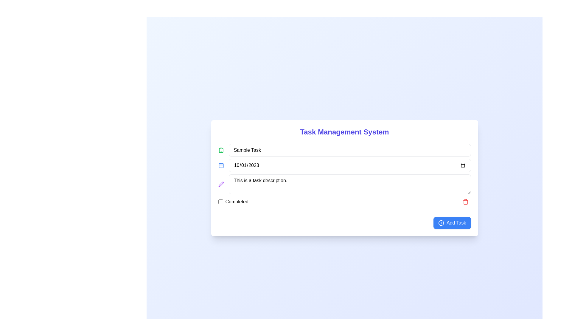  Describe the element at coordinates (221, 165) in the screenshot. I see `the calendar icon representing date selection functionality, located to the left of the date input field` at that location.